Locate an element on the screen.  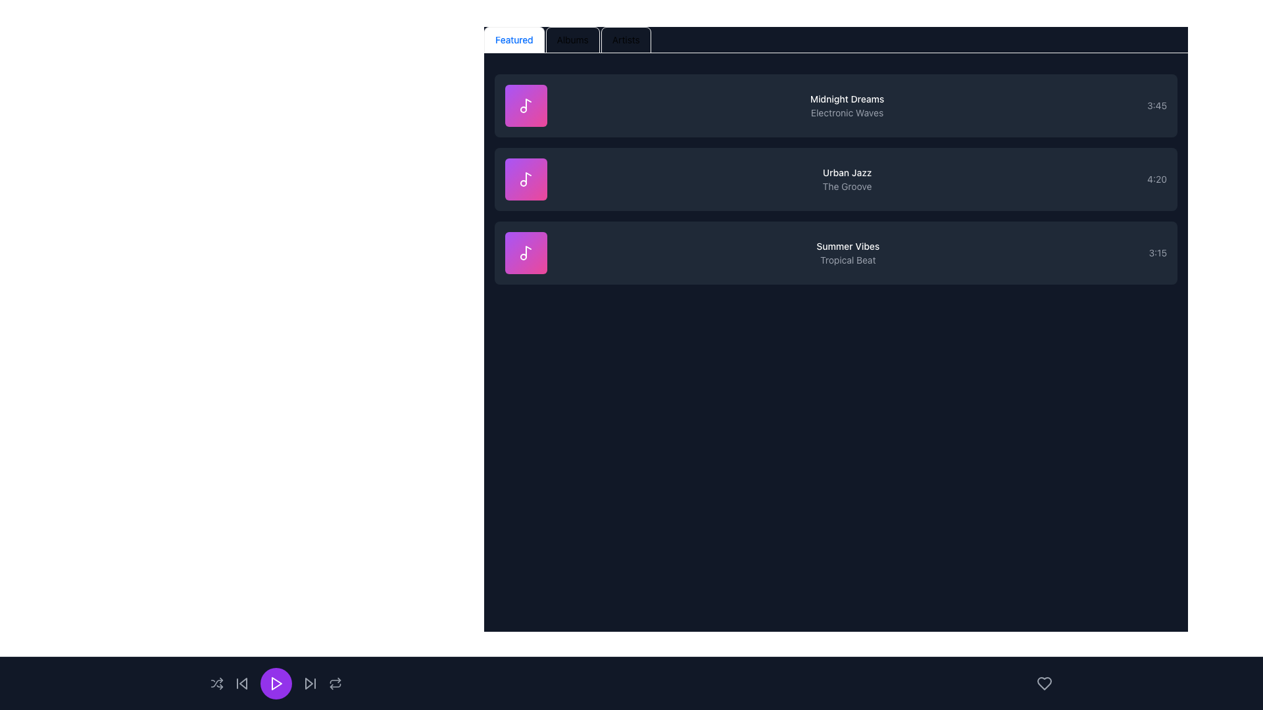
the decorative graphic element within the SVG icon that is part of the second item in the list of music entries, adjacent to the entry labeled 'Urban Jazz' is located at coordinates (528, 177).